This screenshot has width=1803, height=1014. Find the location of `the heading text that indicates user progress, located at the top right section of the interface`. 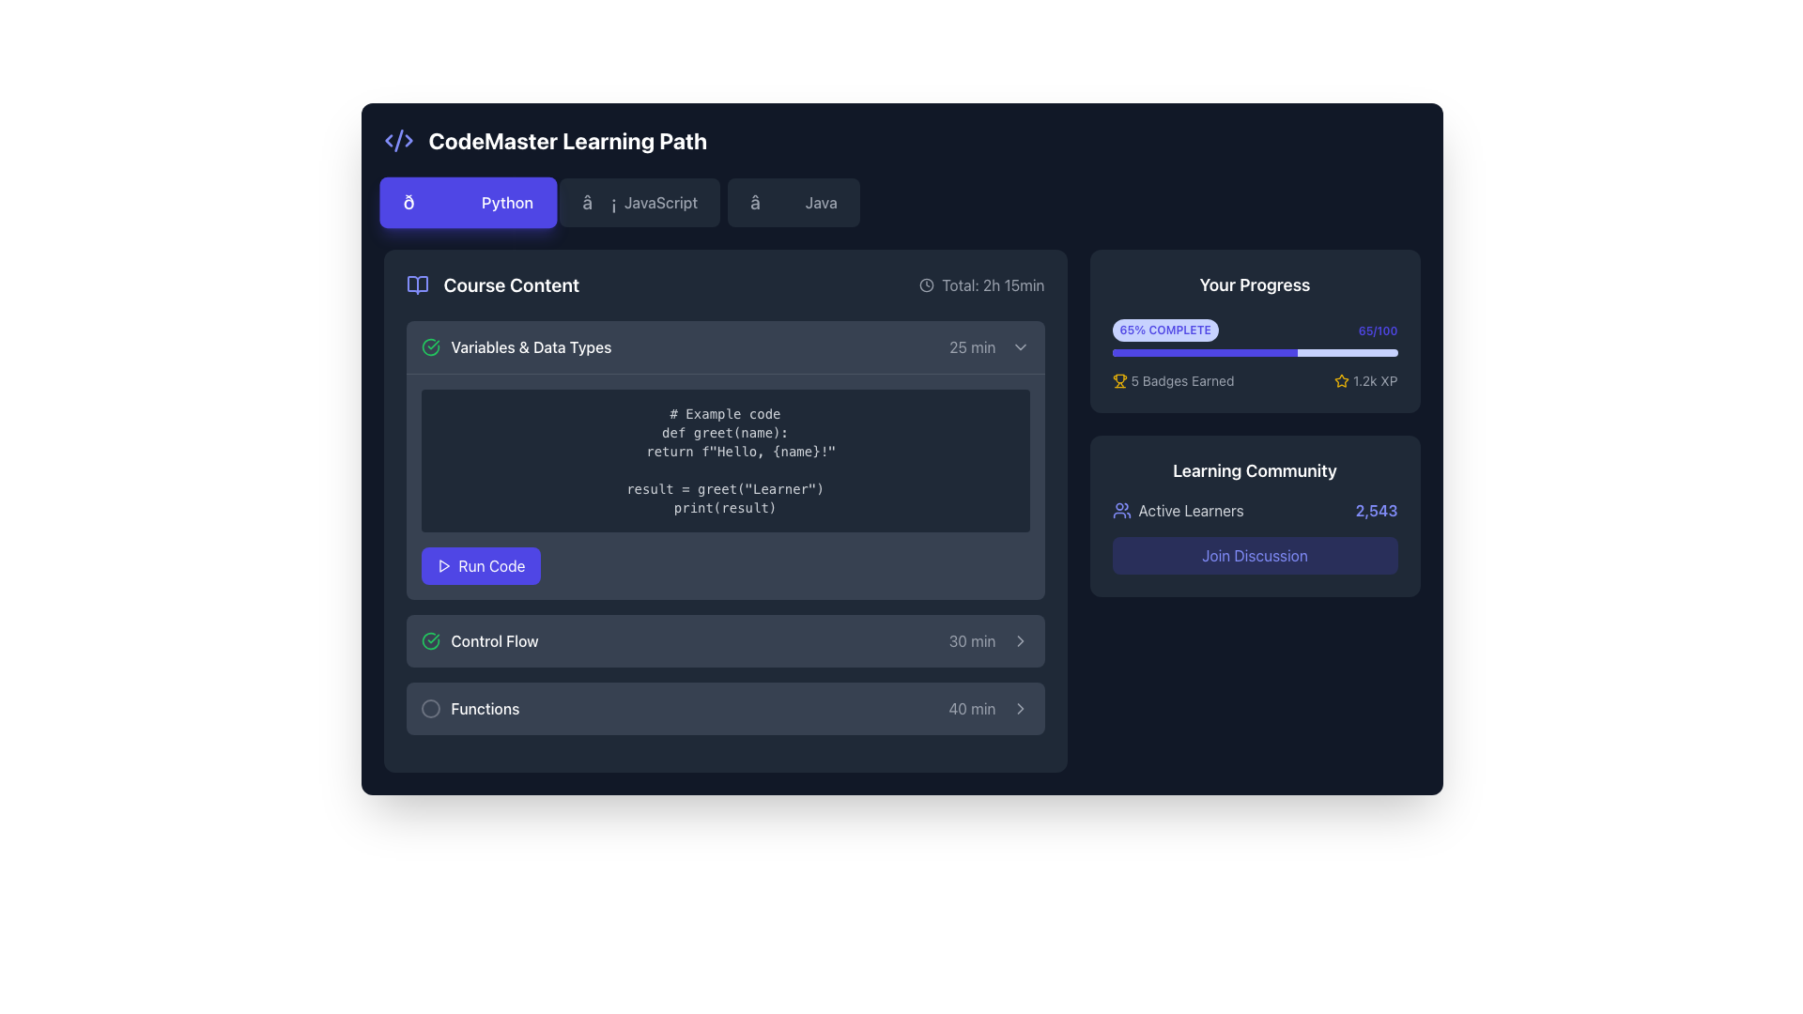

the heading text that indicates user progress, located at the top right section of the interface is located at coordinates (1255, 285).